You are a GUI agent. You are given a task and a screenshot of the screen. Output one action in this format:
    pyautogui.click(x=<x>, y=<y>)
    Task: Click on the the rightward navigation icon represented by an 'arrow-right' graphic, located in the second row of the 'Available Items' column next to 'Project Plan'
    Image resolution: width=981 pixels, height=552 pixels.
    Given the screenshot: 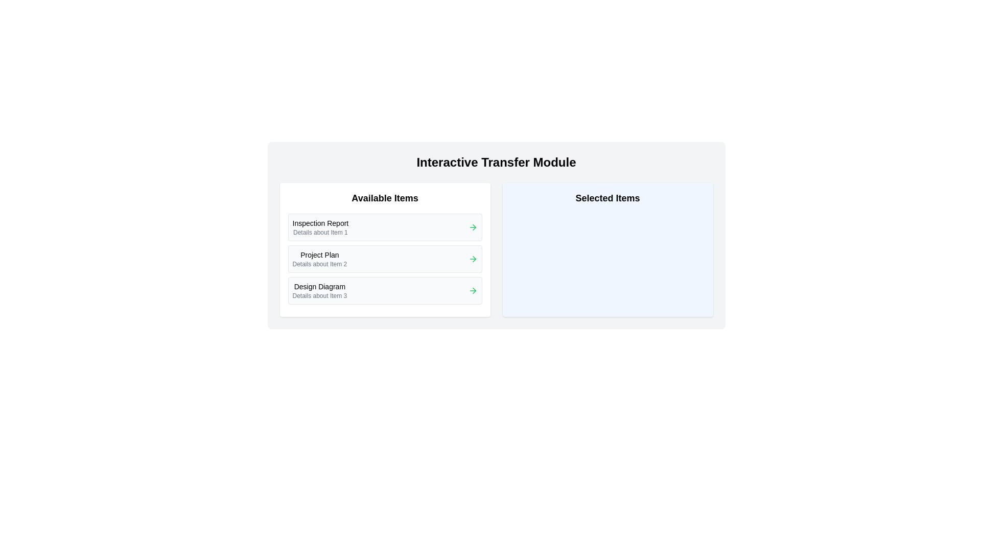 What is the action you would take?
    pyautogui.click(x=474, y=226)
    